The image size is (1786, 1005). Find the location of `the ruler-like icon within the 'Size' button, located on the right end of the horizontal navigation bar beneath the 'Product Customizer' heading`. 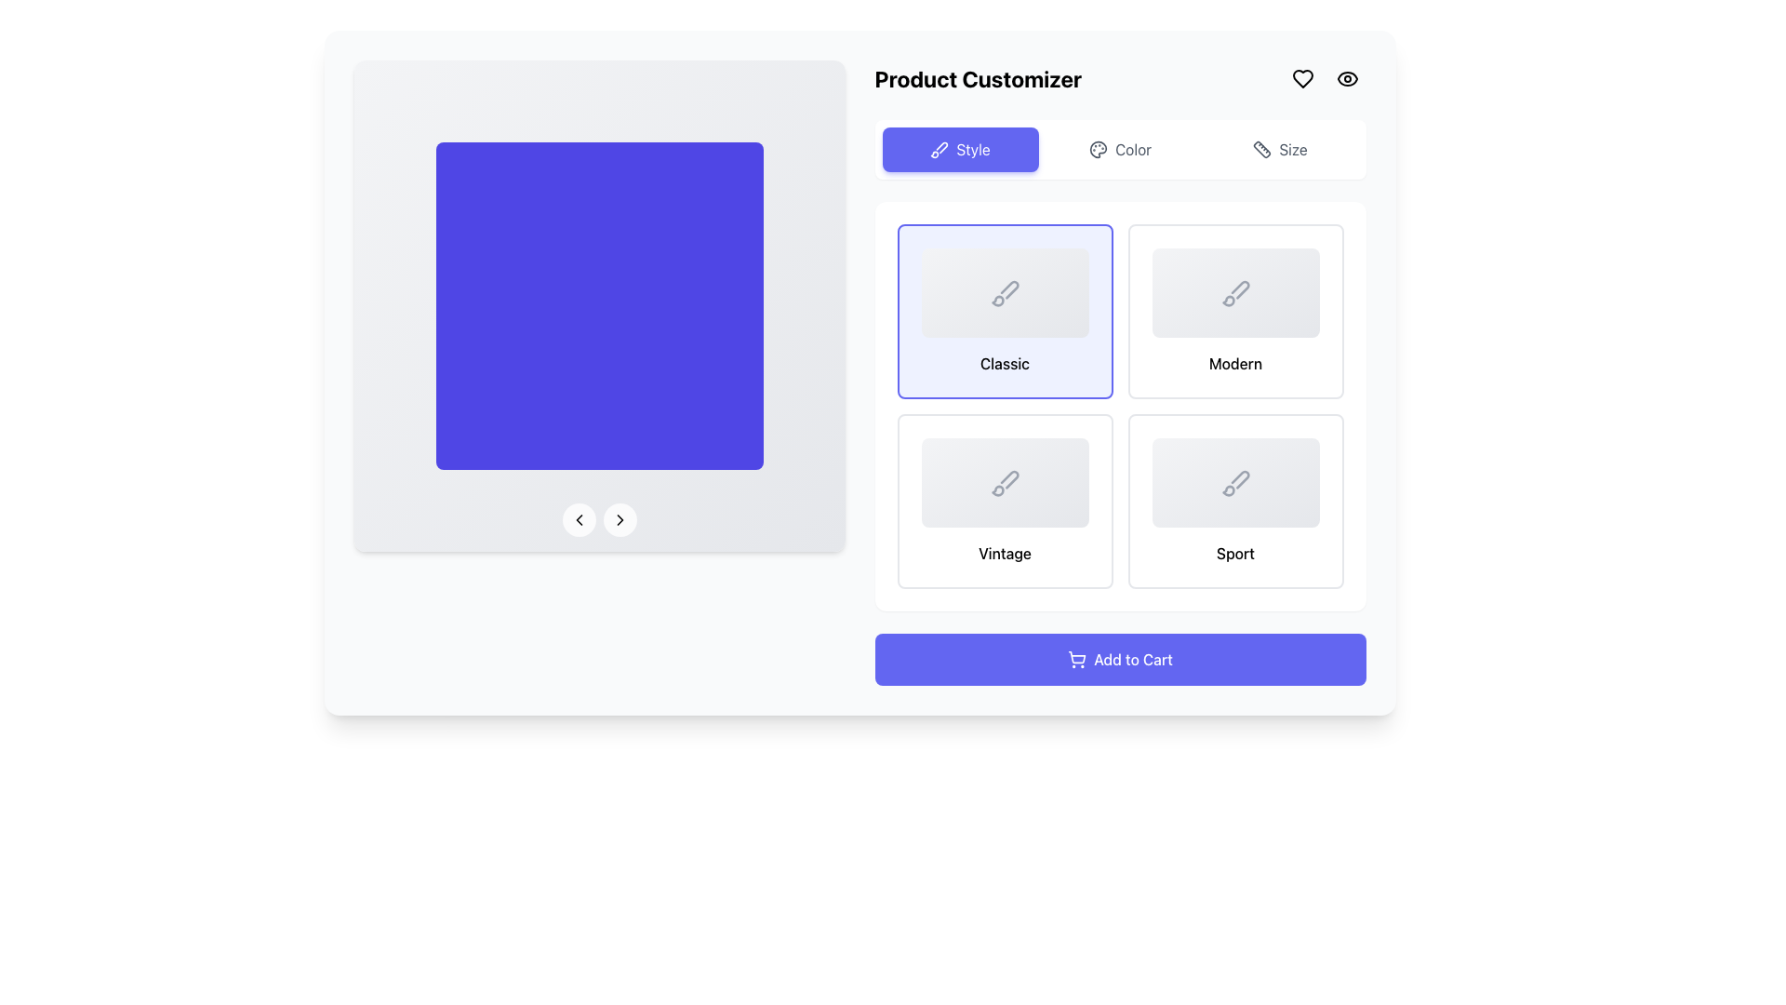

the ruler-like icon within the 'Size' button, located on the right end of the horizontal navigation bar beneath the 'Product Customizer' heading is located at coordinates (1262, 149).